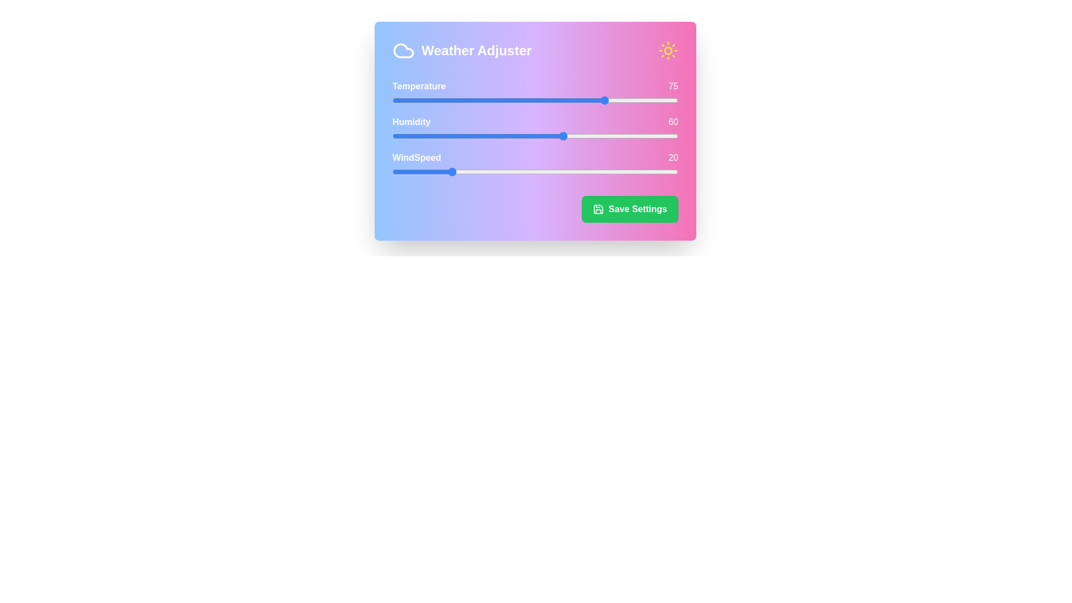  I want to click on the 'WindSpeed' text label, which is styled in bold, white font and located below the 'Humidity' label and above the 'Save Settings' button, so click(416, 157).